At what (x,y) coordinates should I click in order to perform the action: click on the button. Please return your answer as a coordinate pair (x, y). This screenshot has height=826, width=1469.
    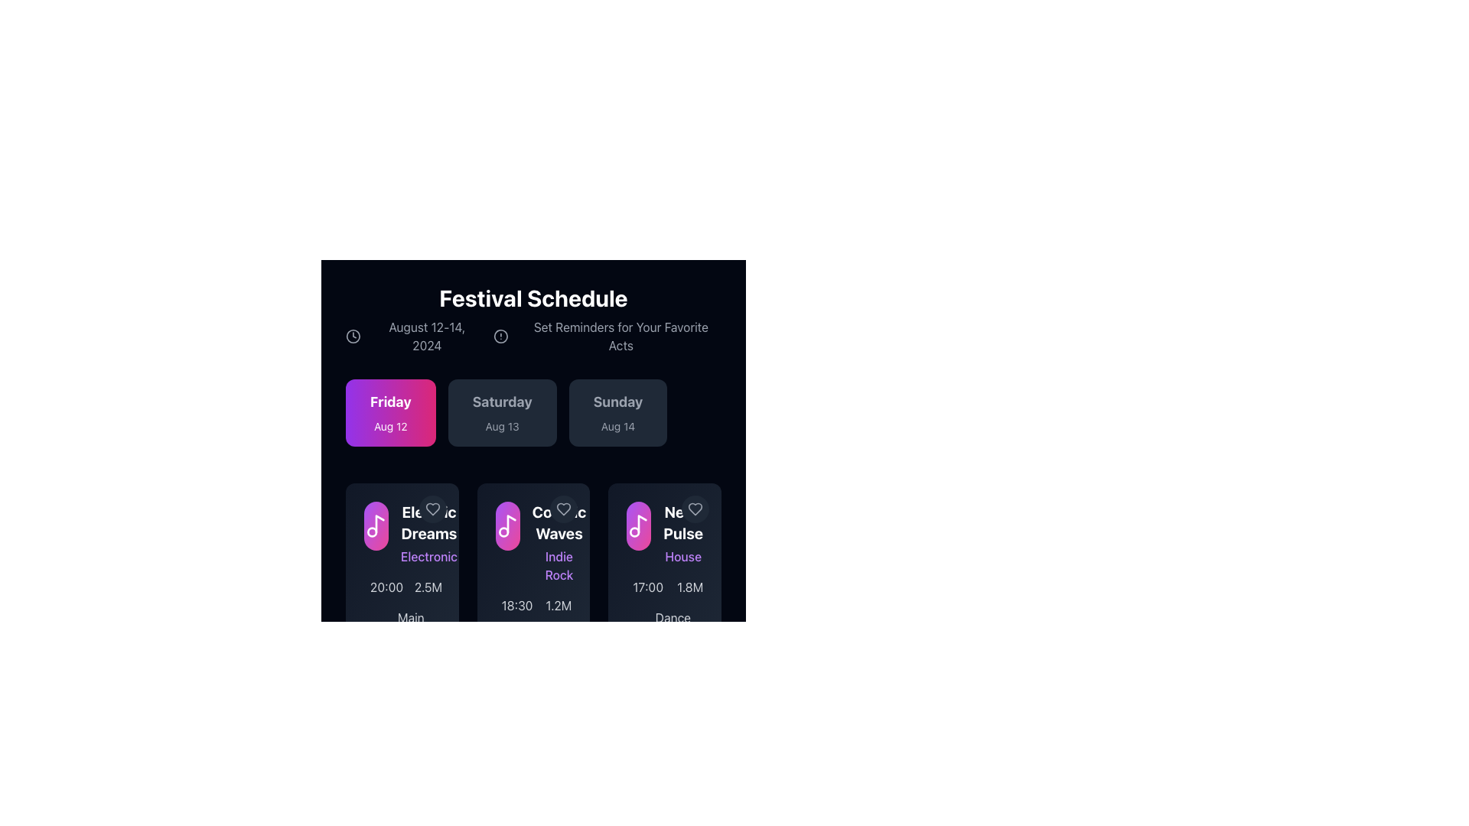
    Looking at the image, I should click on (502, 413).